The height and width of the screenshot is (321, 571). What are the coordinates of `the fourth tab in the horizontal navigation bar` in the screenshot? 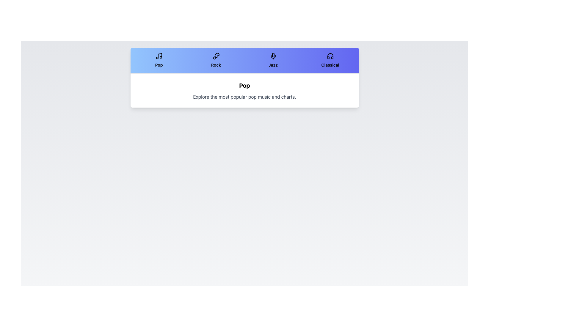 It's located at (330, 61).